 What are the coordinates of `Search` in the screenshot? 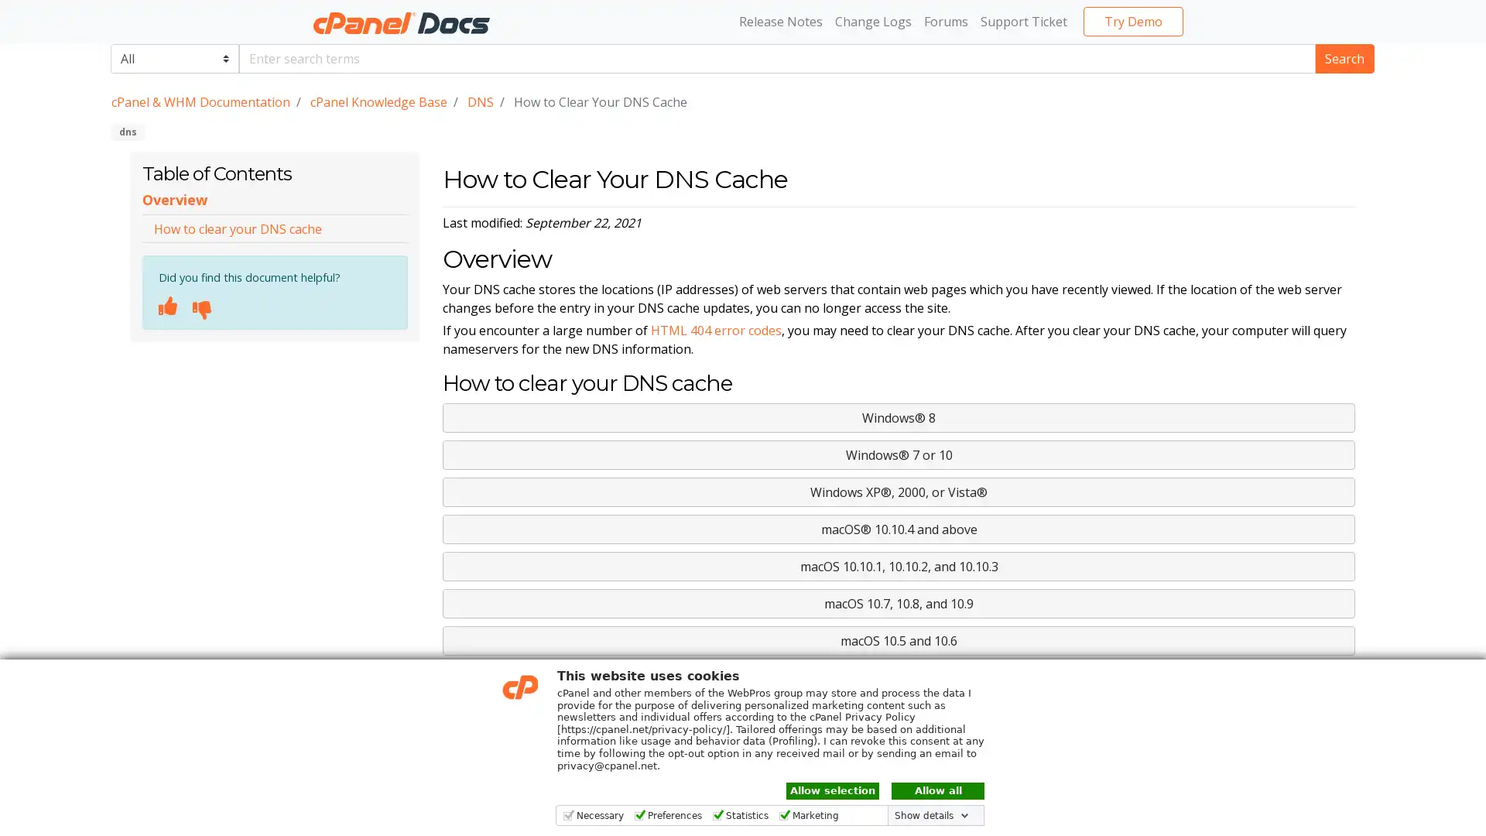 It's located at (1344, 57).